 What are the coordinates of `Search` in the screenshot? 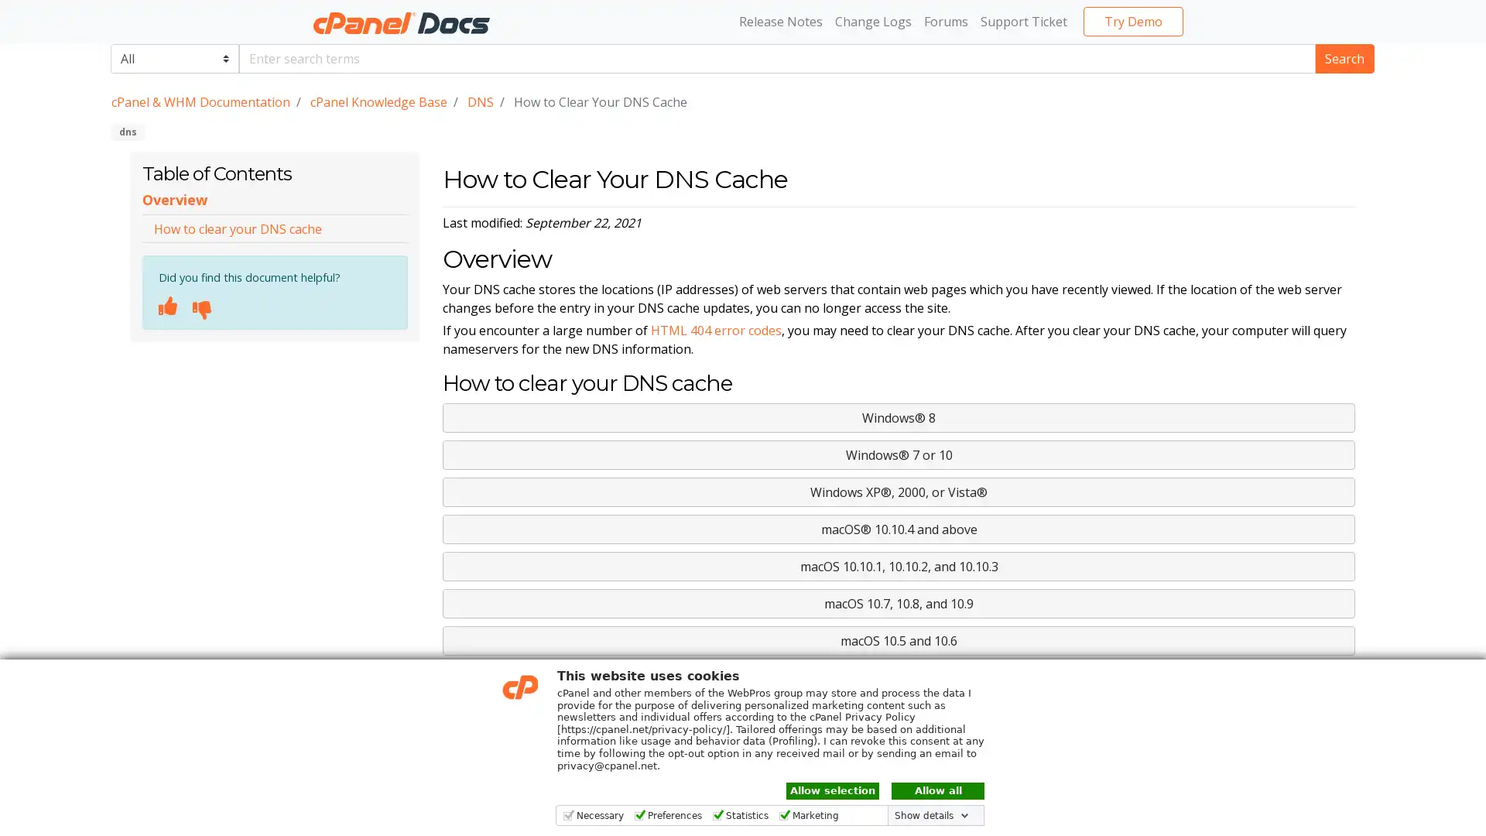 It's located at (1344, 57).